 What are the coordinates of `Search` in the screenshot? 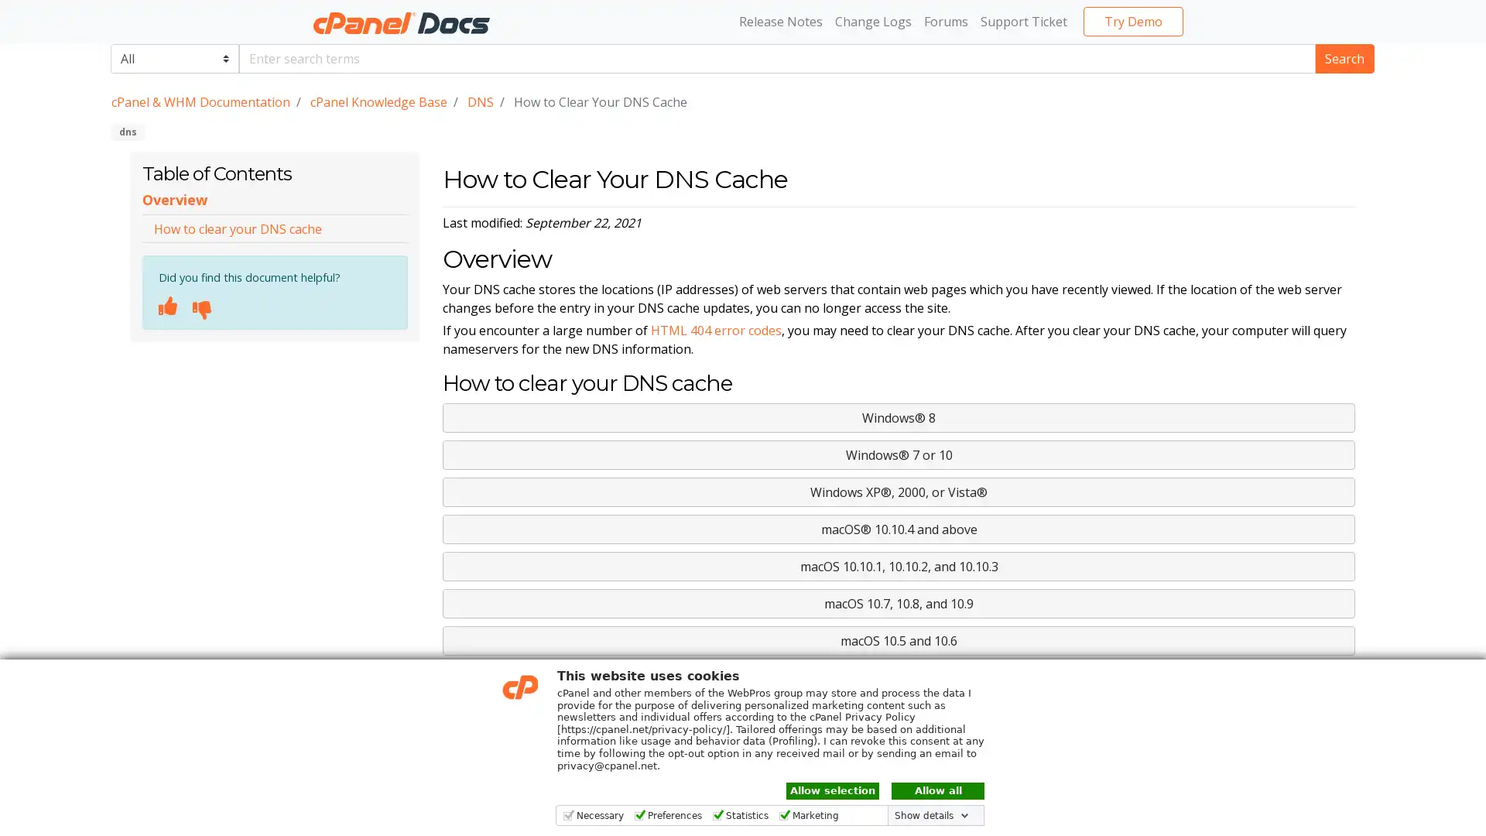 It's located at (1344, 57).